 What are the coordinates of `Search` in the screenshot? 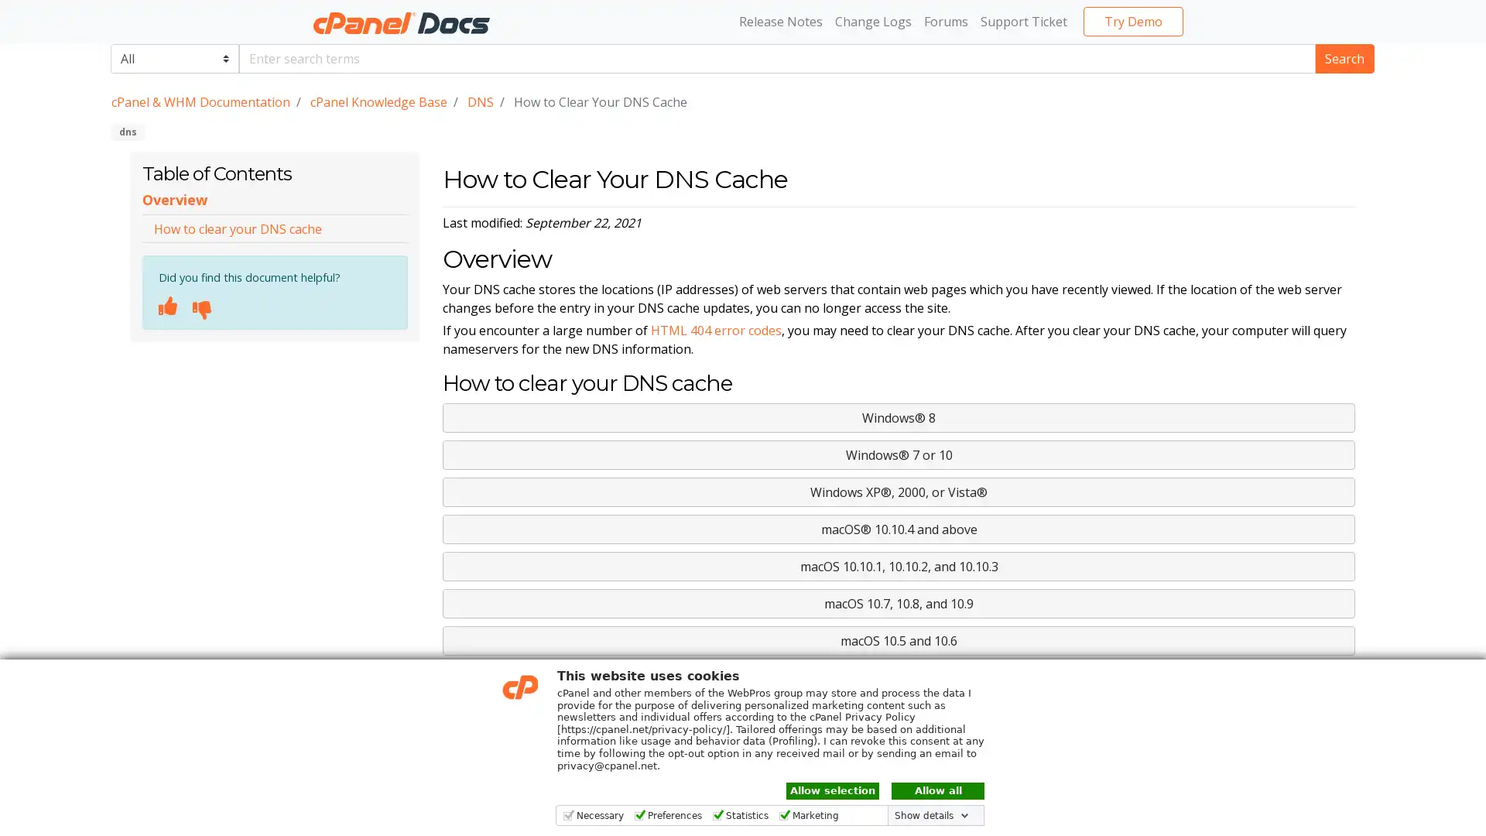 It's located at (1344, 57).